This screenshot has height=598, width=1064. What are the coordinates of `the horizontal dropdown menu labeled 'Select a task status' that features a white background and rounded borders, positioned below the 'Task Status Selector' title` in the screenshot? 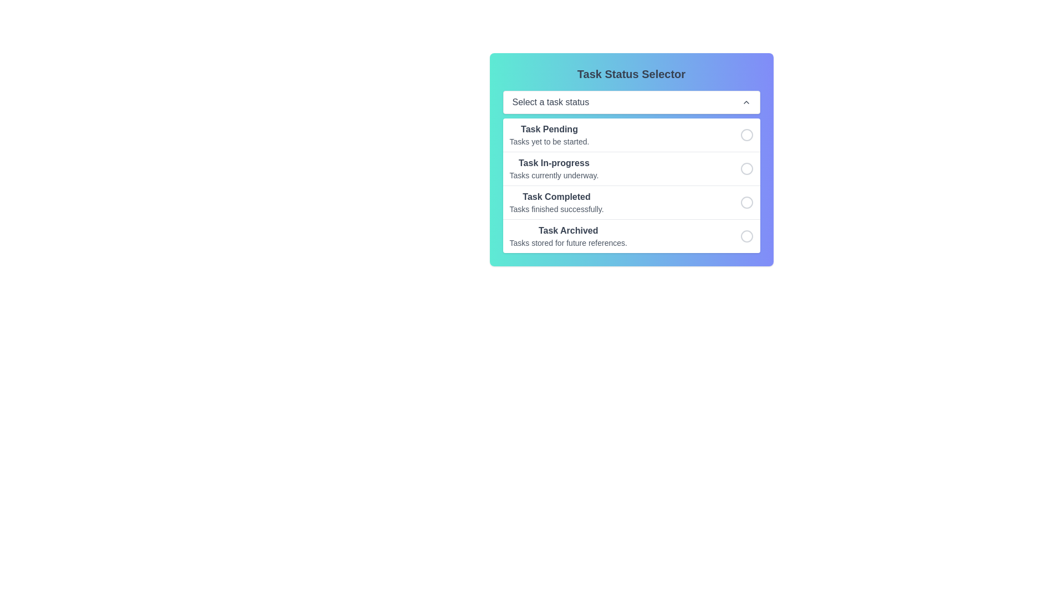 It's located at (631, 102).